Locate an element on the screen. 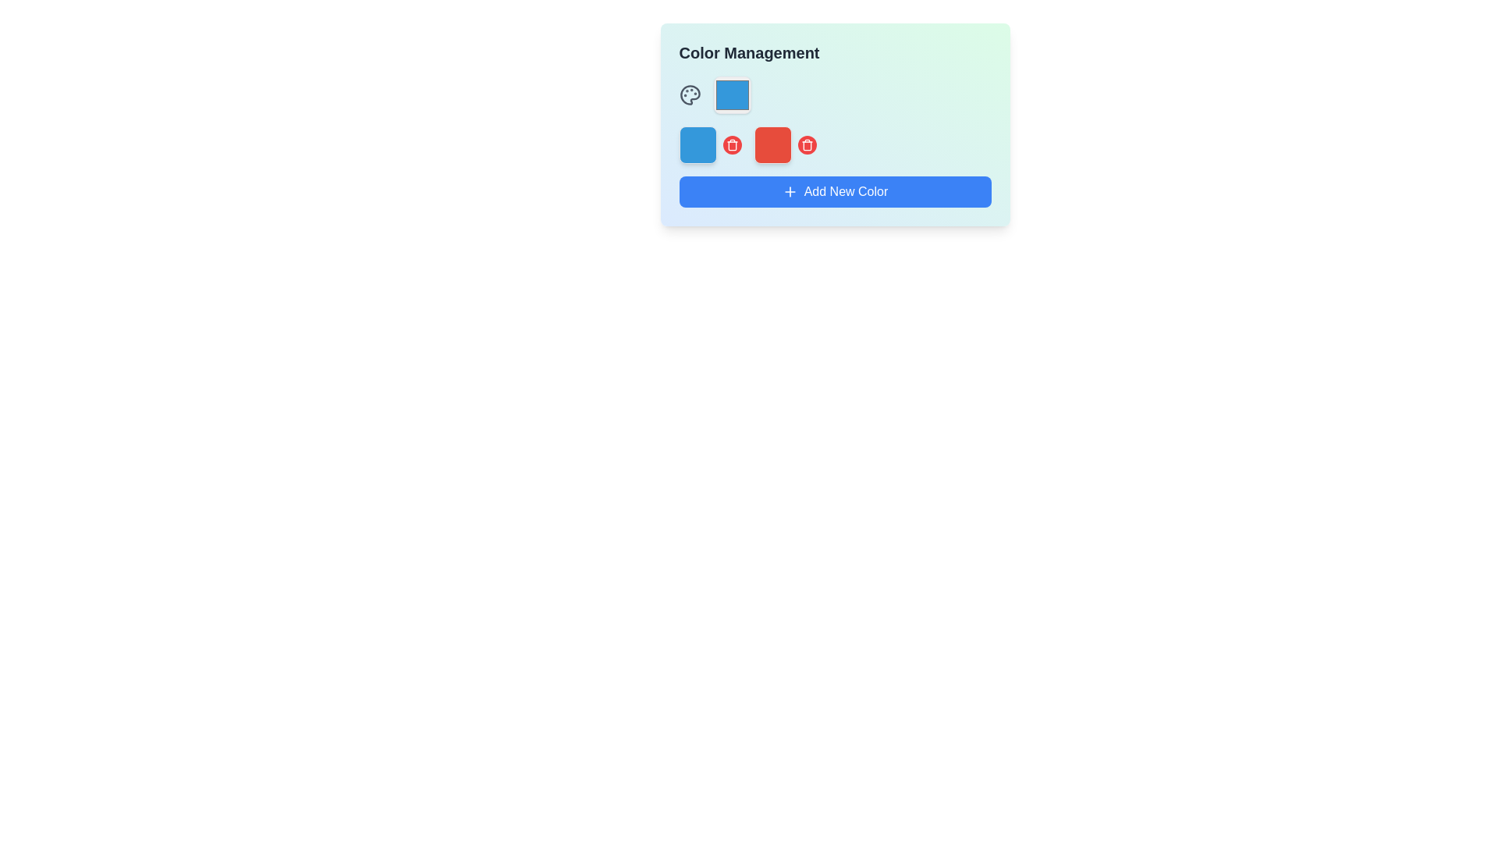  the Color block in the Color Management section is located at coordinates (709, 144).